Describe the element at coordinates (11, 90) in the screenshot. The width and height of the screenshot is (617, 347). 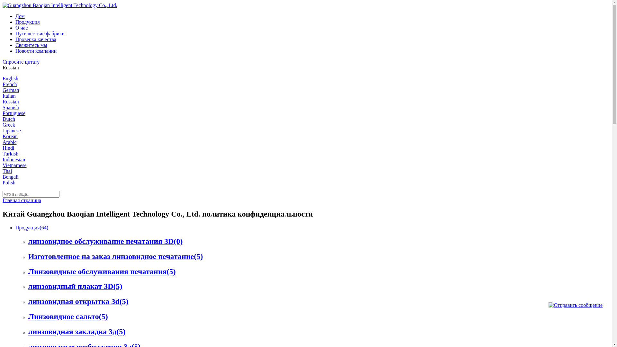
I see `'German'` at that location.